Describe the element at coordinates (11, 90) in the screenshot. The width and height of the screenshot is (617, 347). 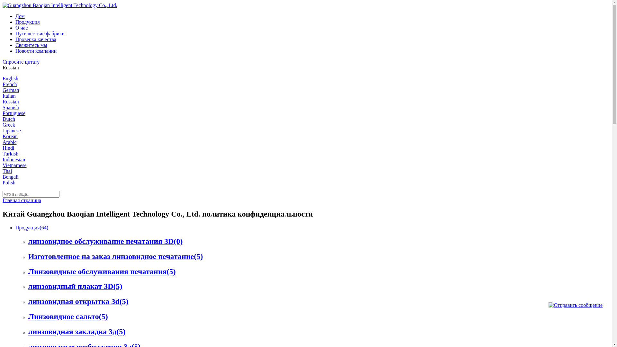
I see `'German'` at that location.